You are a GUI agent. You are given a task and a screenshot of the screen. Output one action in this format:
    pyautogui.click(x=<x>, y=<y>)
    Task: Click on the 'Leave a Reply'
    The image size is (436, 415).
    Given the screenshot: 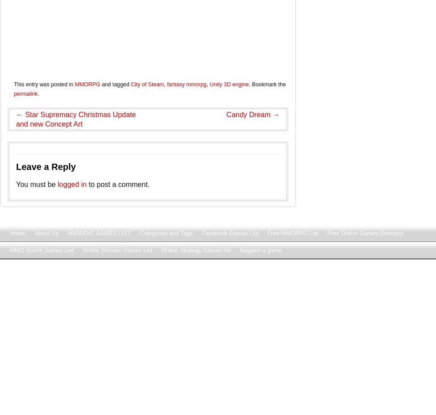 What is the action you would take?
    pyautogui.click(x=45, y=166)
    